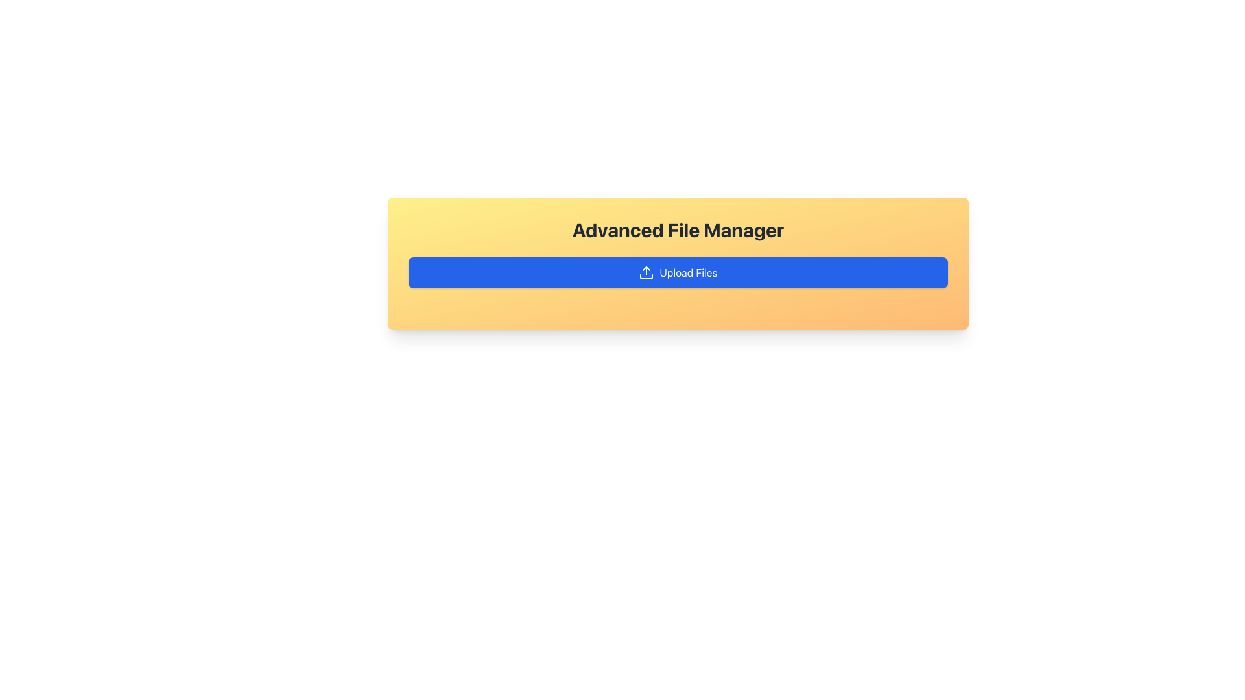  I want to click on the upload icon within the blue 'Upload Files' button, which features an upward arrow in a minimalistic design, so click(646, 272).